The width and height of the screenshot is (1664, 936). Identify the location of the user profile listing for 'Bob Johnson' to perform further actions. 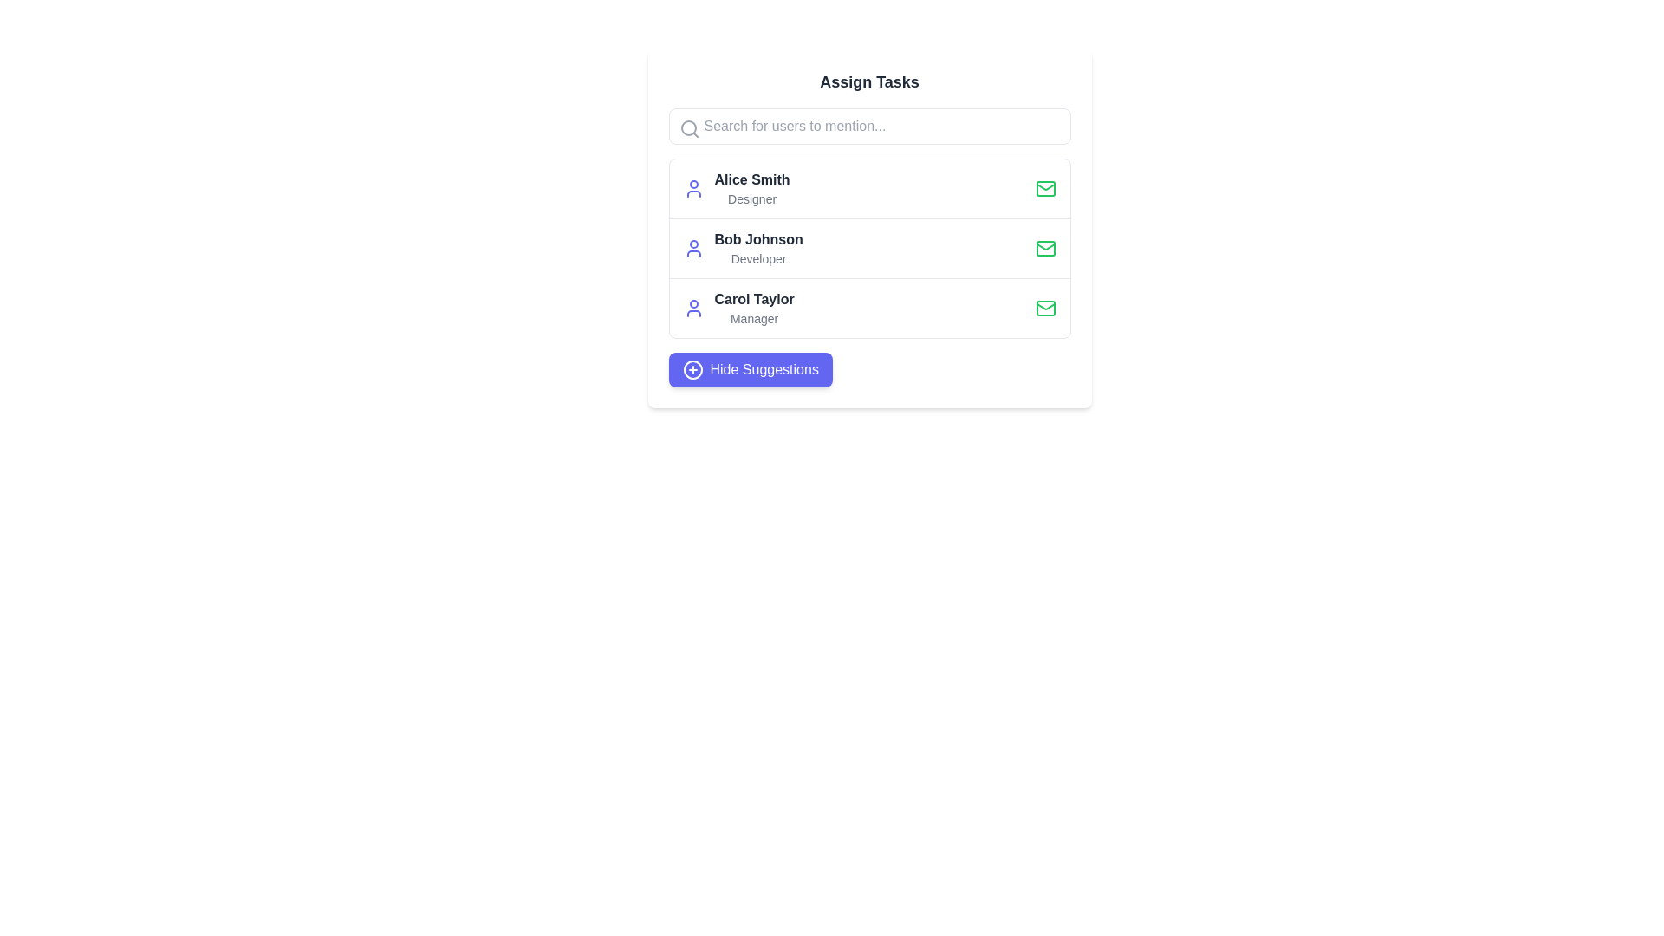
(869, 248).